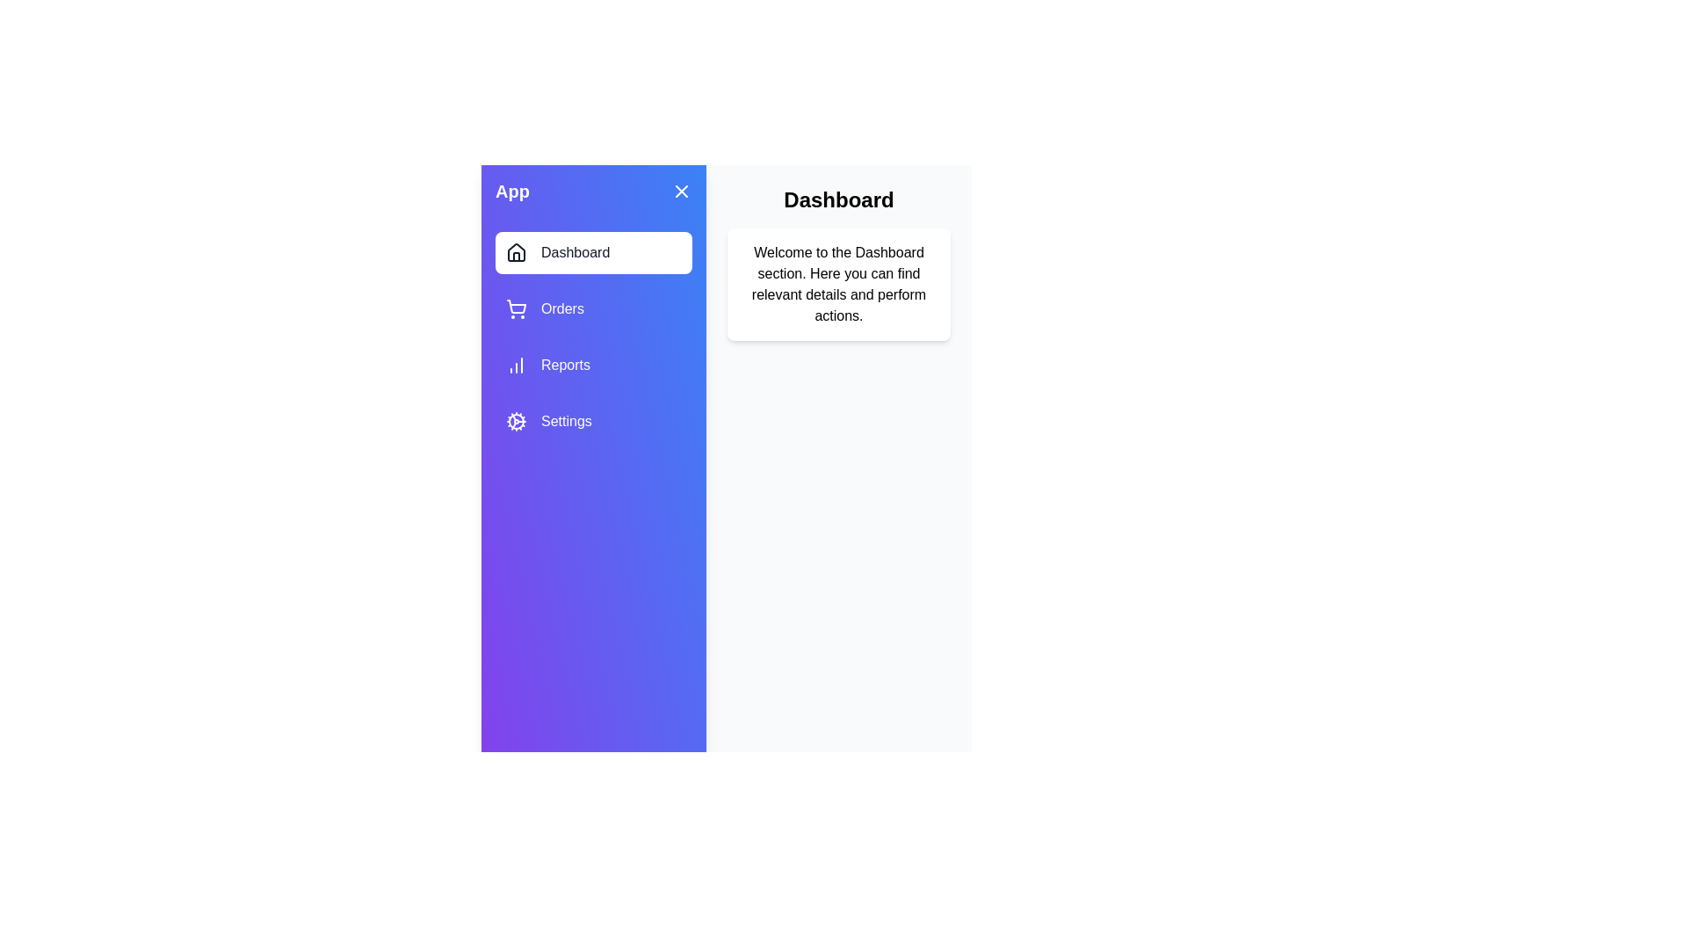  I want to click on button with the 'X' icon to toggle the drawer's state, so click(681, 192).